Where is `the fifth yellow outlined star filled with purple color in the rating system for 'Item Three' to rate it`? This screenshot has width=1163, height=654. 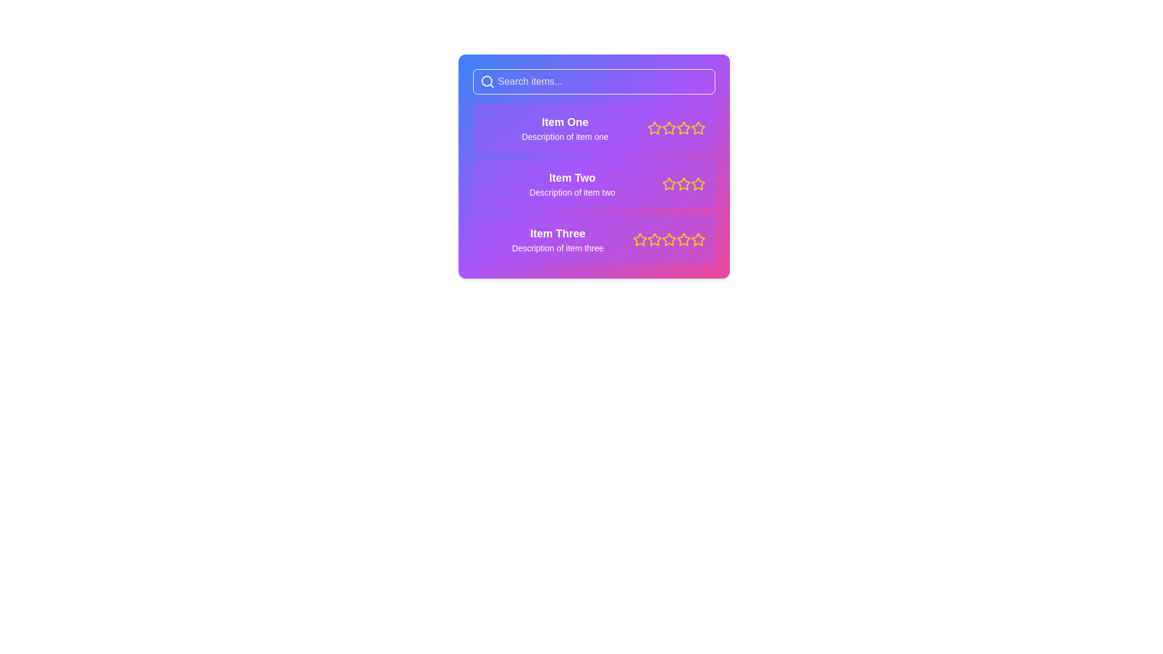
the fifth yellow outlined star filled with purple color in the rating system for 'Item Three' to rate it is located at coordinates (698, 239).